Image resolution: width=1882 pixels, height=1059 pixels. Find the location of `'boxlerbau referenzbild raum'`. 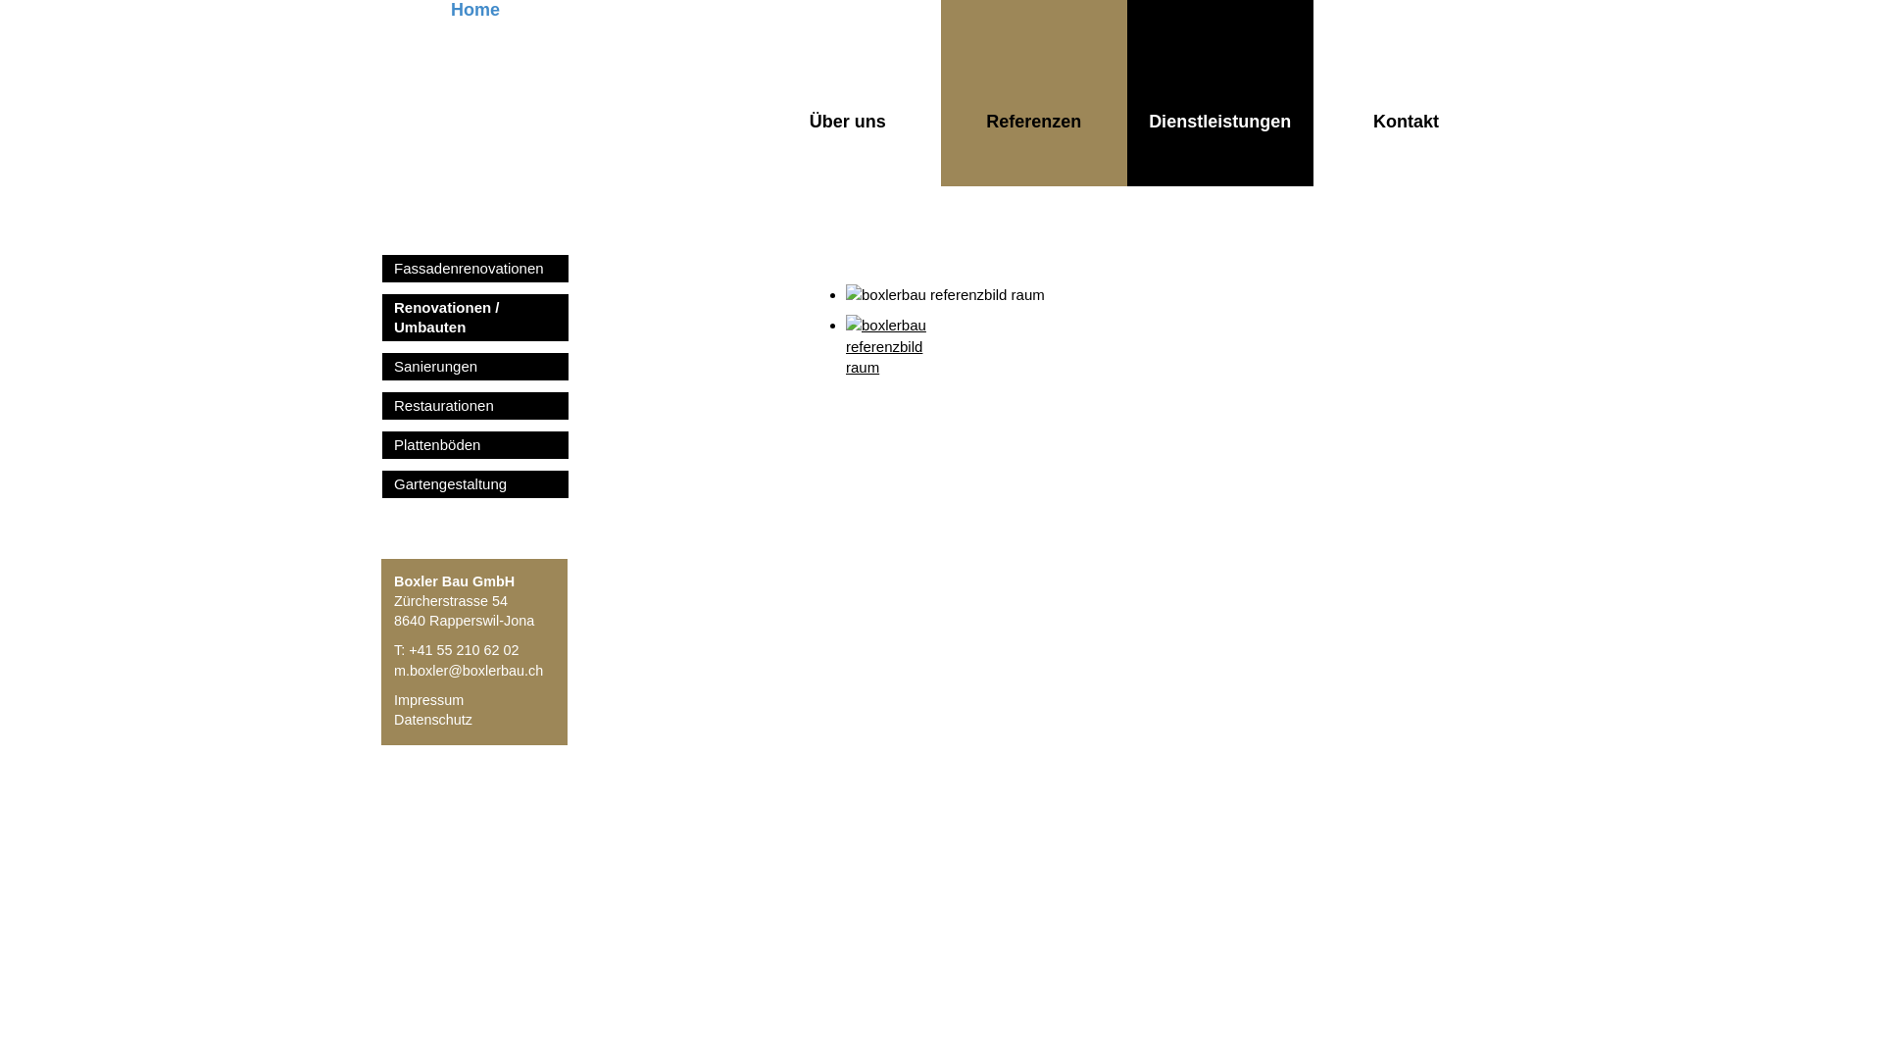

'boxlerbau referenzbild raum' is located at coordinates (846, 294).